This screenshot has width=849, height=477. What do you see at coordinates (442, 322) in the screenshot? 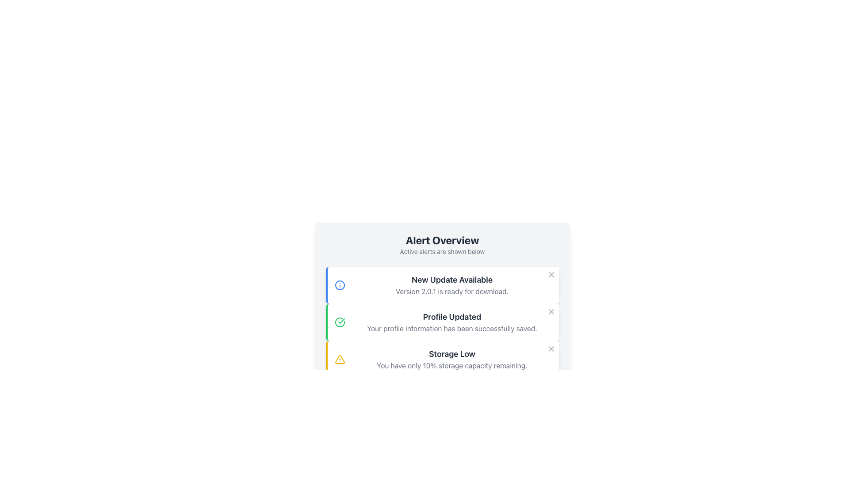
I see `the dismiss button on the Notification card that informs the user about a recent successful profile update, which is the middle card in a vertical list of three notifications` at bounding box center [442, 322].